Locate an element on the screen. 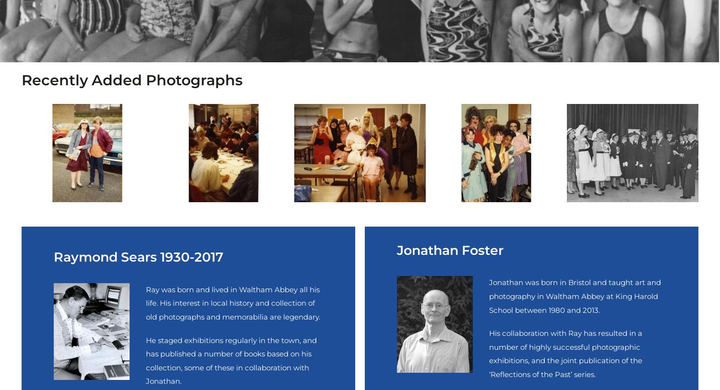 Image resolution: width=720 pixels, height=390 pixels. 'Waltham Abbey Archive | Newsletter' is located at coordinates (162, 123).